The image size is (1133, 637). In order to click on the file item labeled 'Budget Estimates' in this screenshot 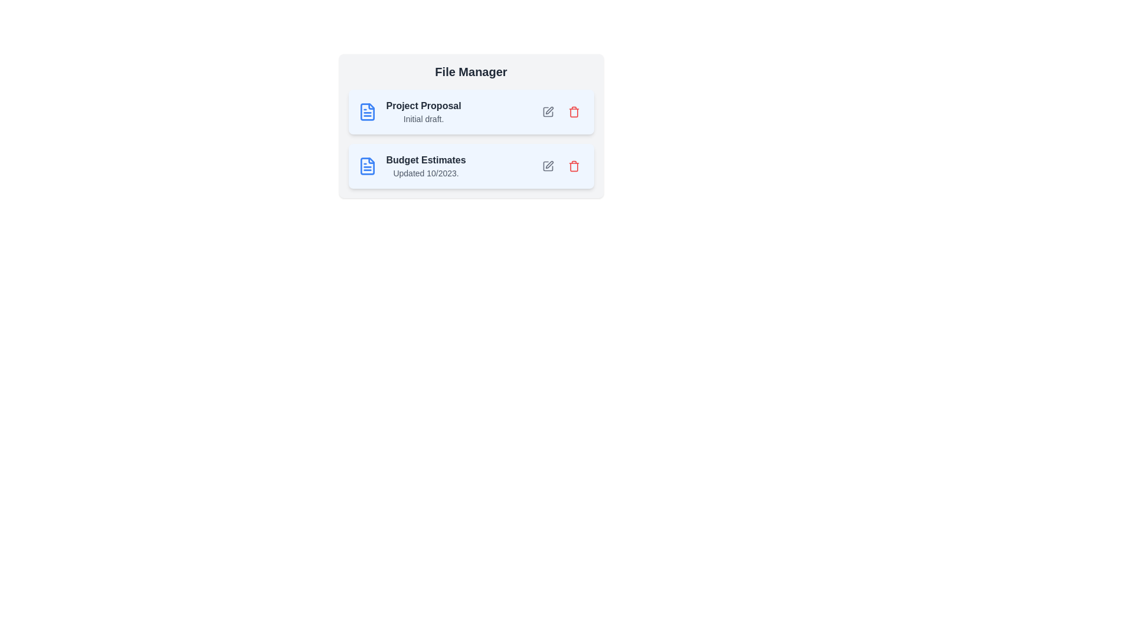, I will do `click(470, 166)`.